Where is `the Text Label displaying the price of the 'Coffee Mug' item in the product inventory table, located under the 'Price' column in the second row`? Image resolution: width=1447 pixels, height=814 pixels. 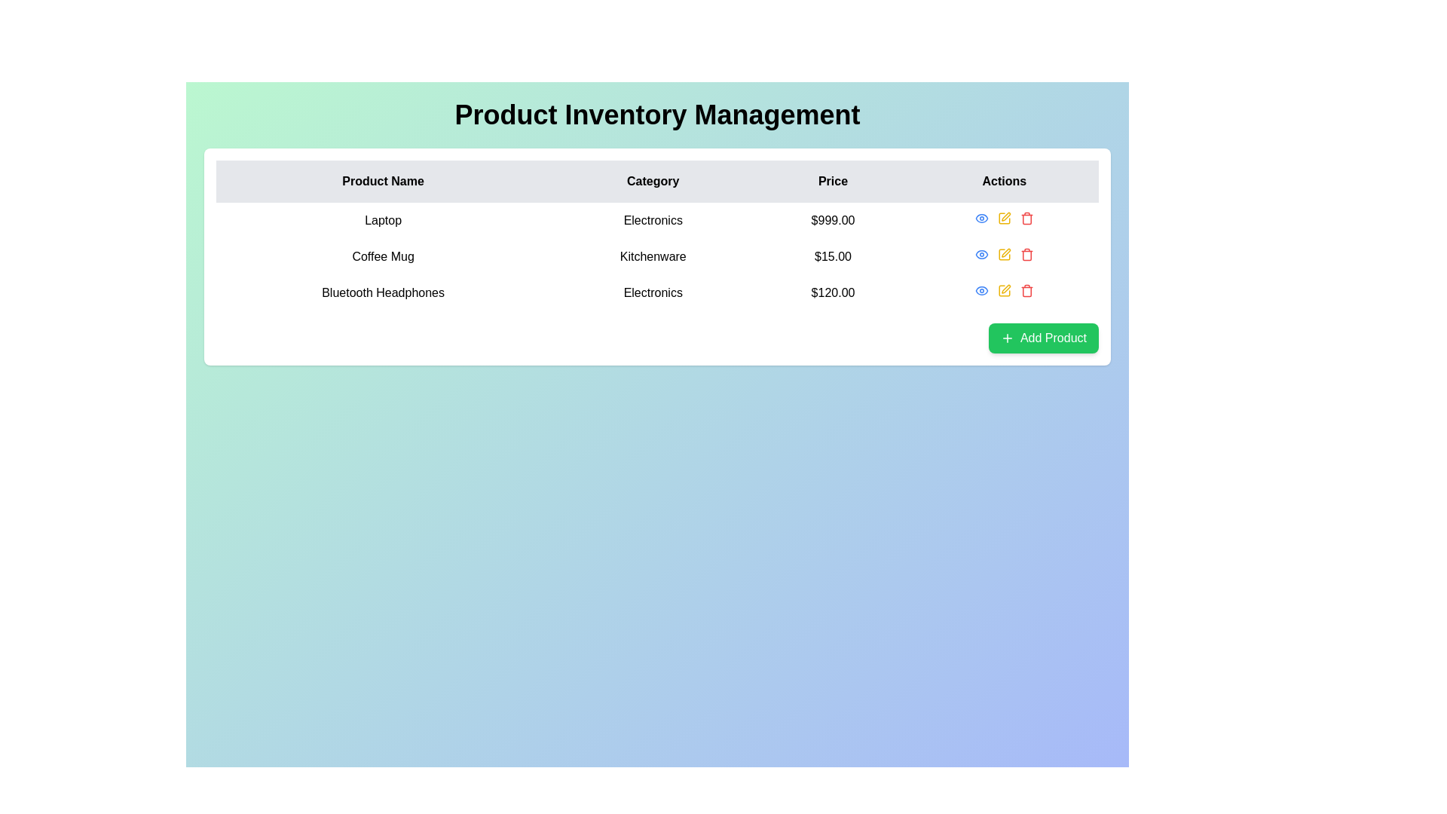 the Text Label displaying the price of the 'Coffee Mug' item in the product inventory table, located under the 'Price' column in the second row is located at coordinates (832, 256).